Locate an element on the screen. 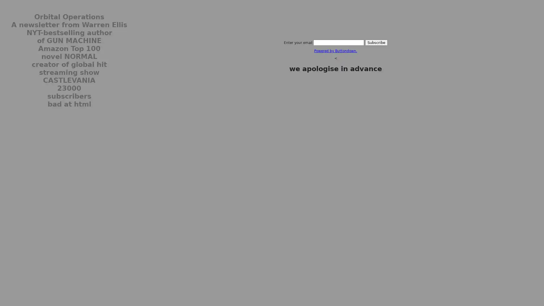 This screenshot has height=306, width=544. Subscribe is located at coordinates (376, 42).